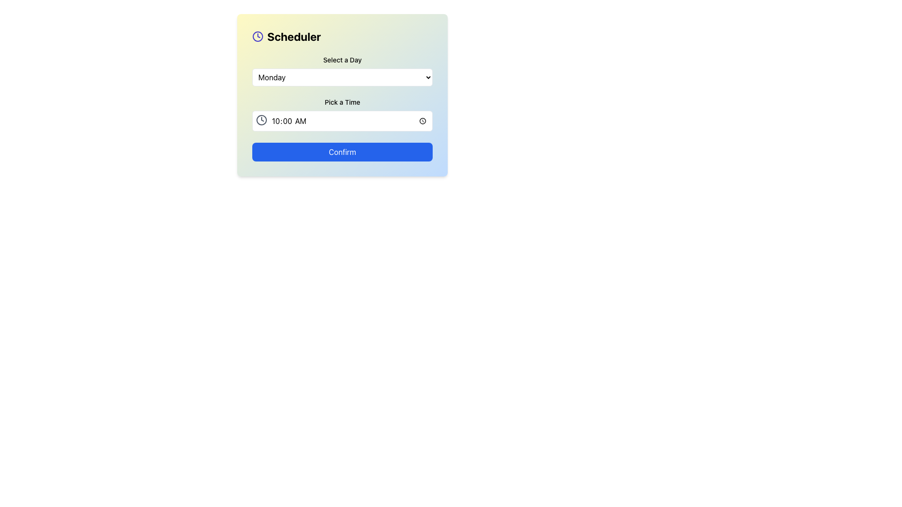  I want to click on the clock icon located at the far left end of the time input box, which has a circular outline and clock hands in a thin, stroked gray design, so click(261, 119).